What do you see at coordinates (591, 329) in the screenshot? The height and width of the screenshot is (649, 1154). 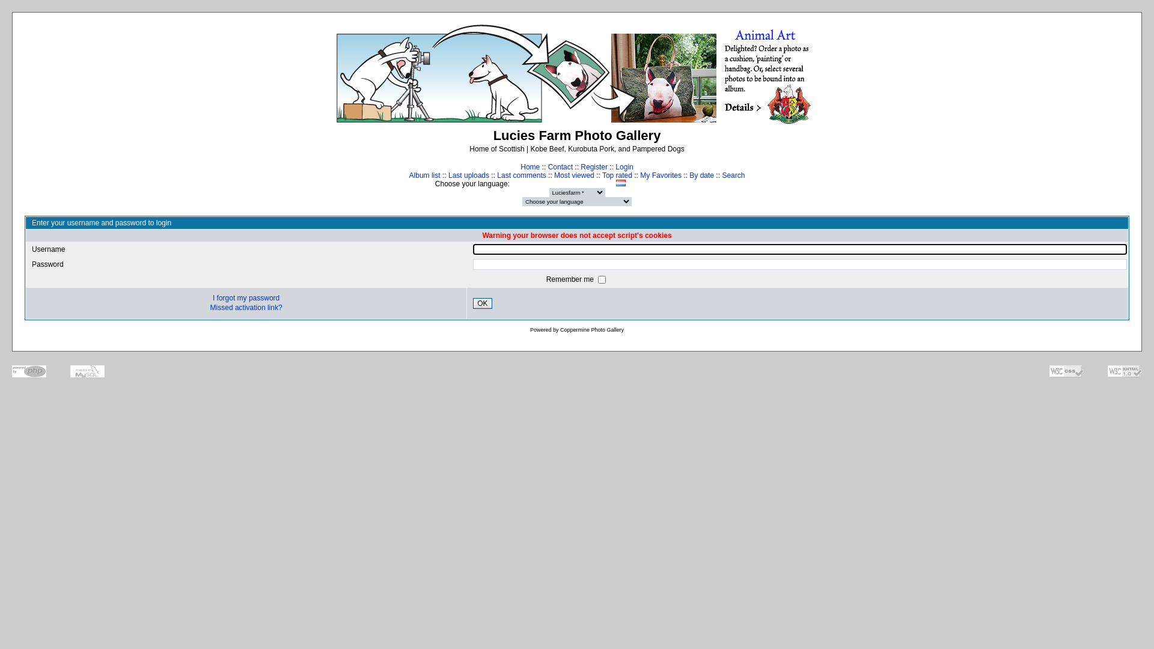 I see `'Coppermine Photo Gallery'` at bounding box center [591, 329].